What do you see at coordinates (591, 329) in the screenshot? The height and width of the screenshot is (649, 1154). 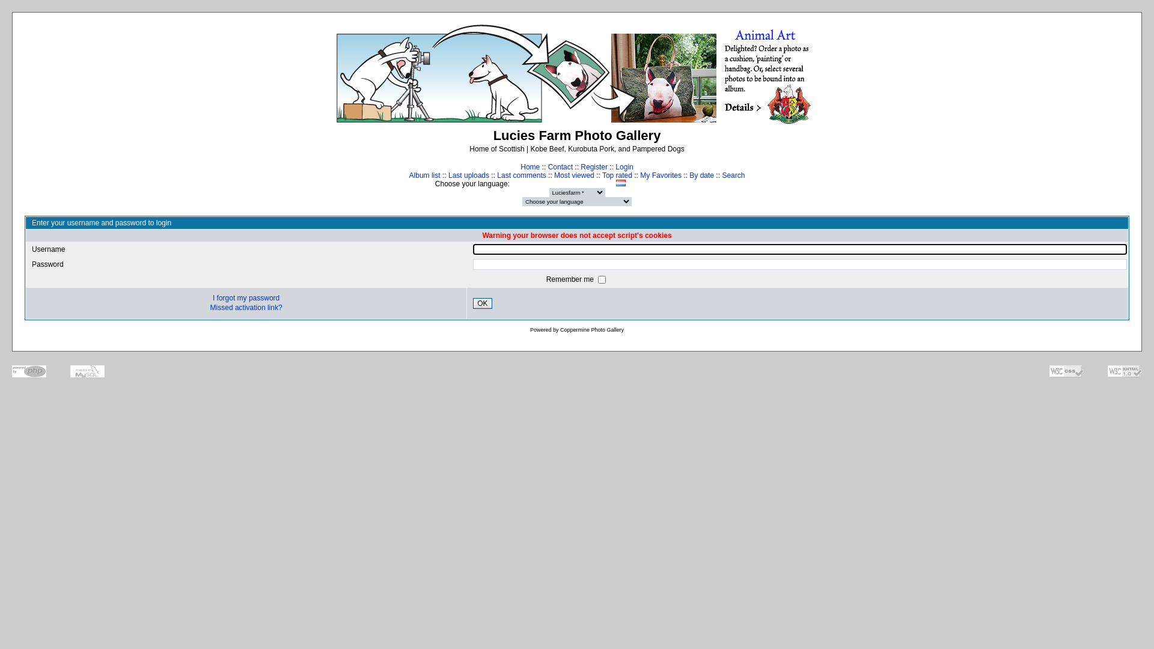 I see `'Coppermine Photo Gallery'` at bounding box center [591, 329].